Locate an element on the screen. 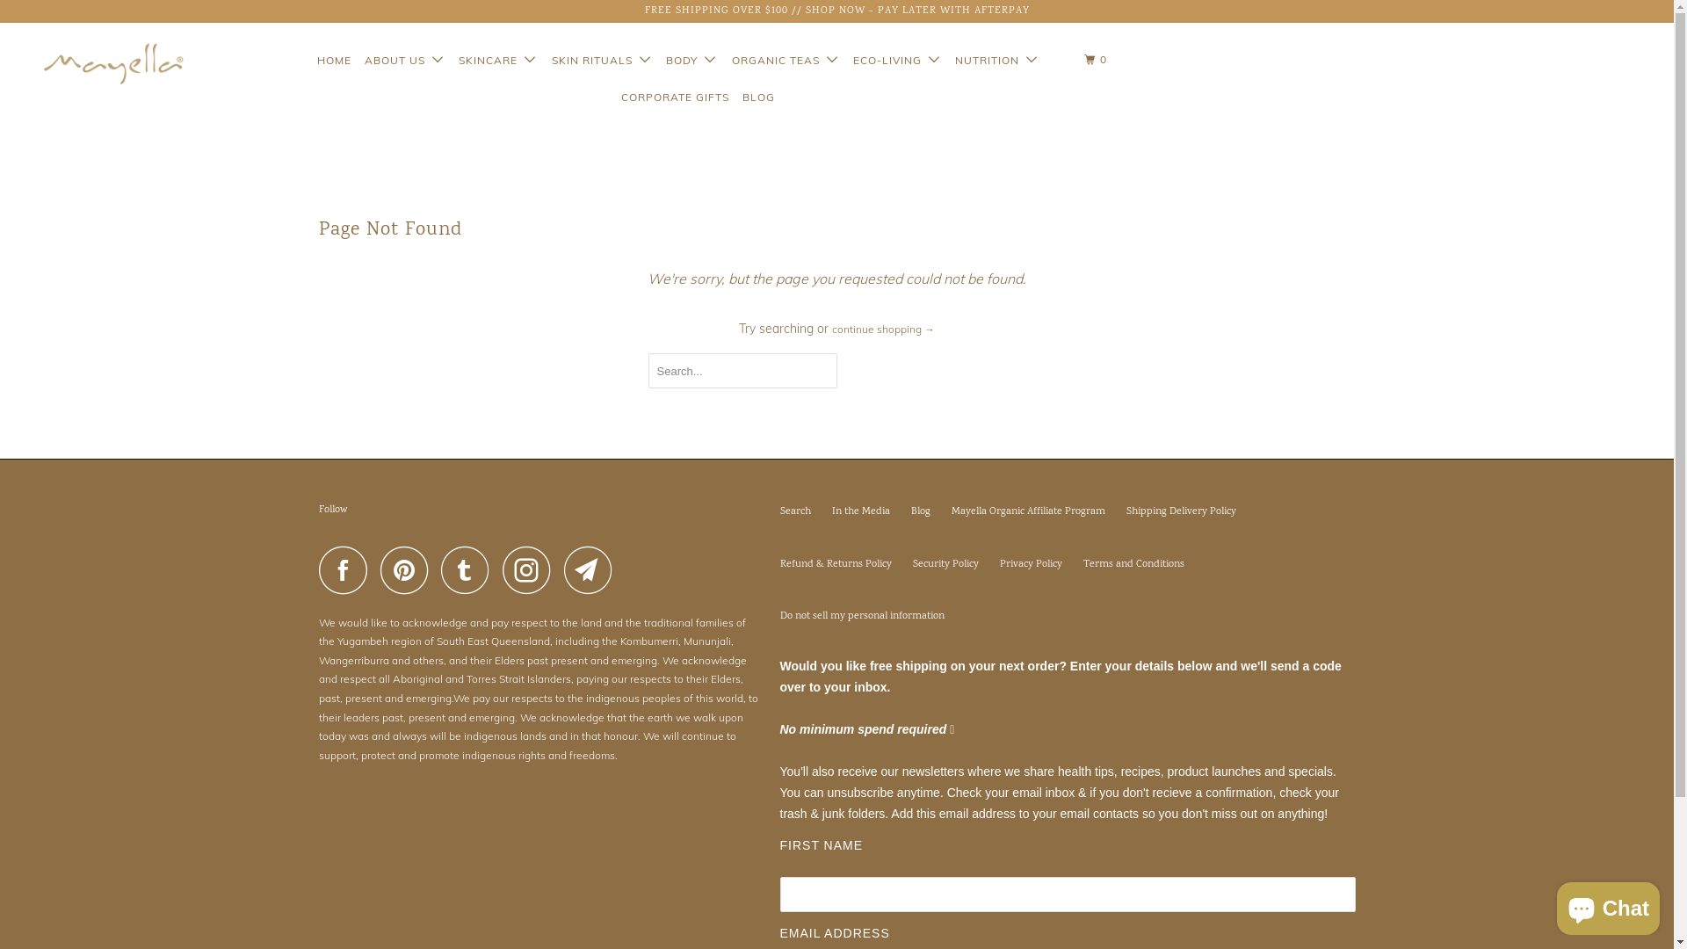 Image resolution: width=1687 pixels, height=949 pixels. 'In the Media' is located at coordinates (860, 511).